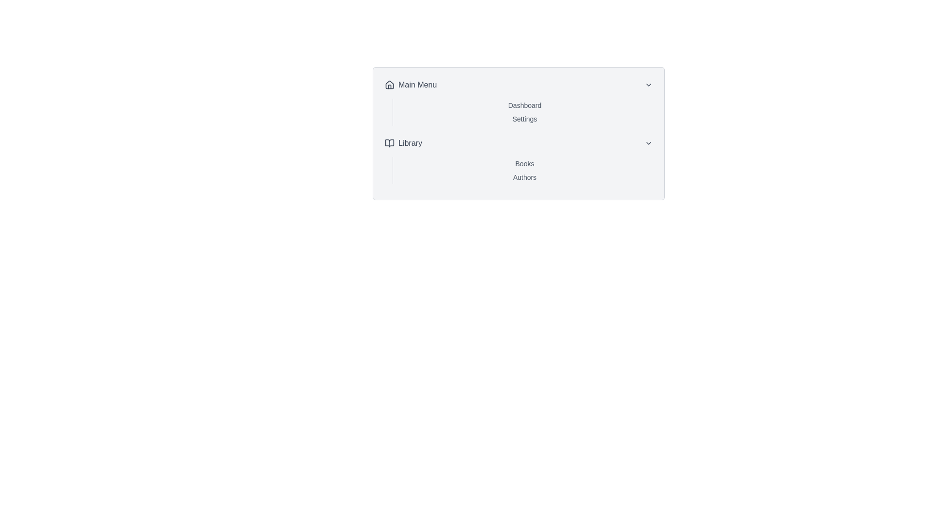 Image resolution: width=933 pixels, height=525 pixels. I want to click on the chevron icon next to the 'Library' section, so click(648, 143).